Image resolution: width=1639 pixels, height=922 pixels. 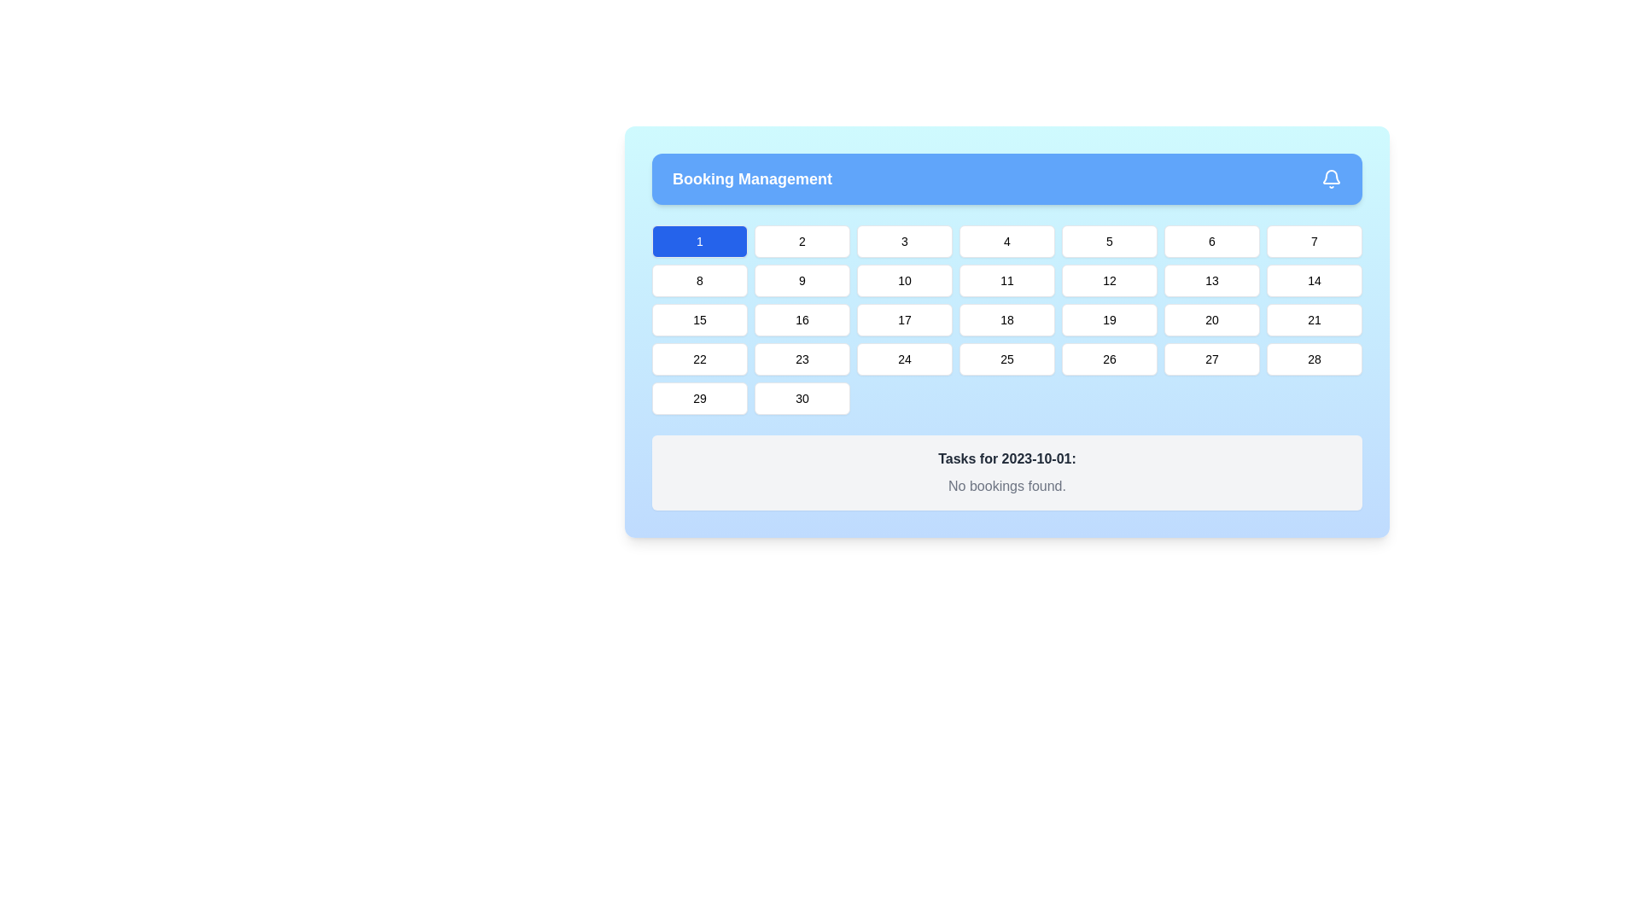 What do you see at coordinates (700, 279) in the screenshot?
I see `the button representing the specific day in the second row, first column of the calendar grid` at bounding box center [700, 279].